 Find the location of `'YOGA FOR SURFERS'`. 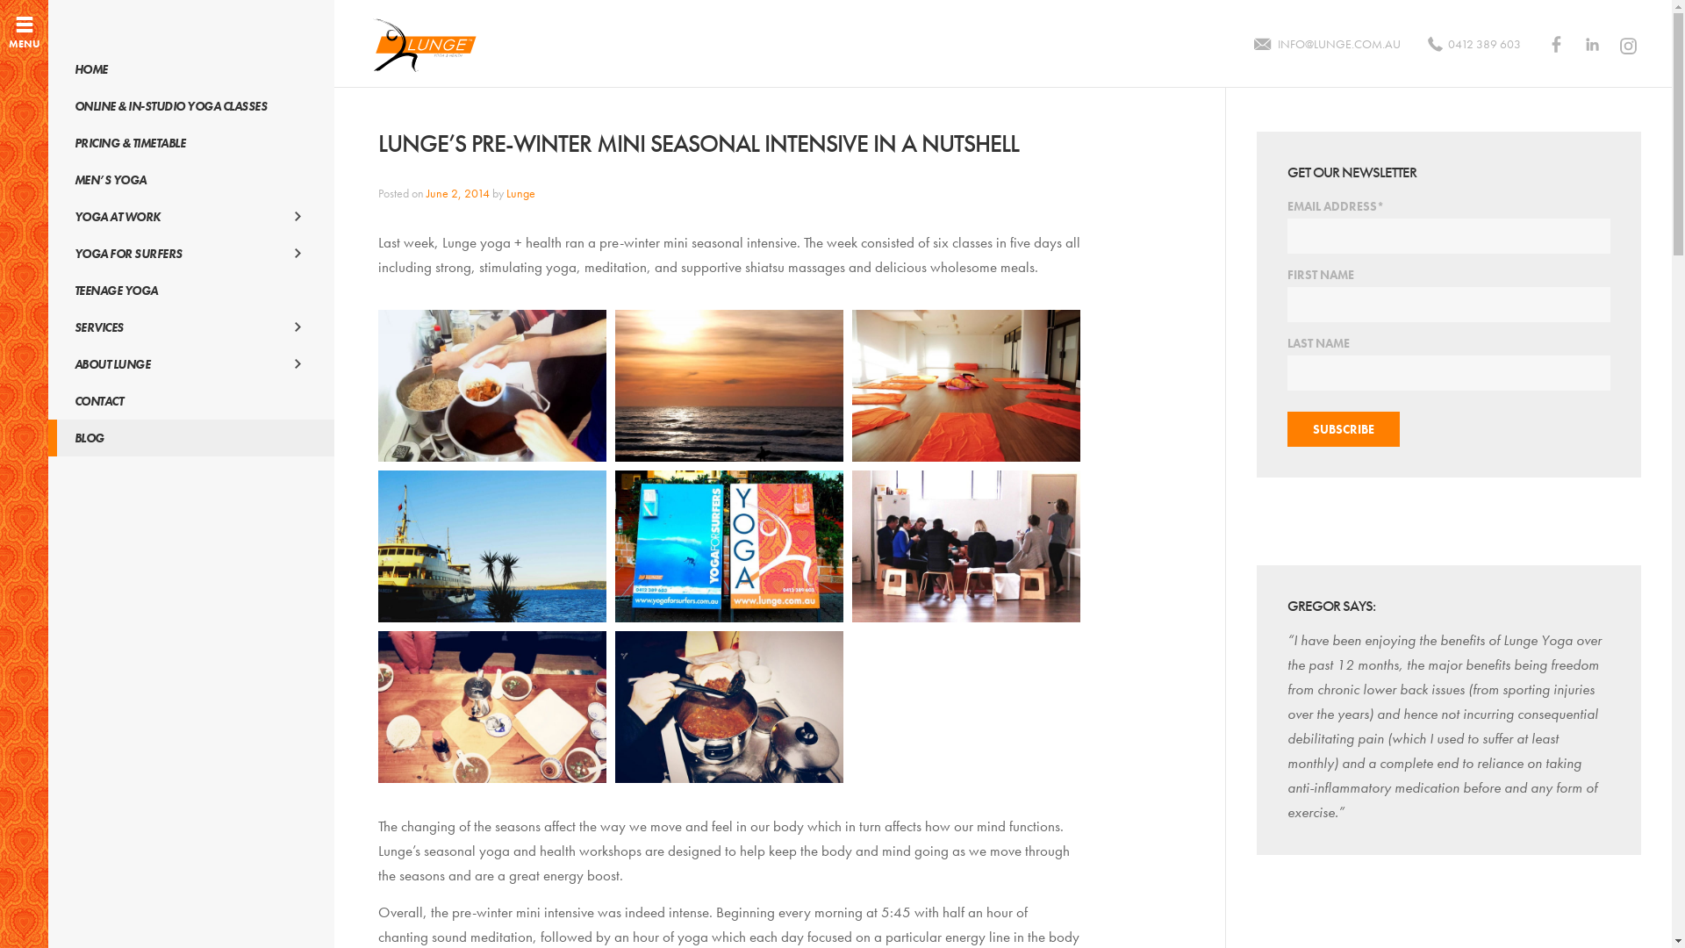

'YOGA FOR SURFERS' is located at coordinates (190, 254).